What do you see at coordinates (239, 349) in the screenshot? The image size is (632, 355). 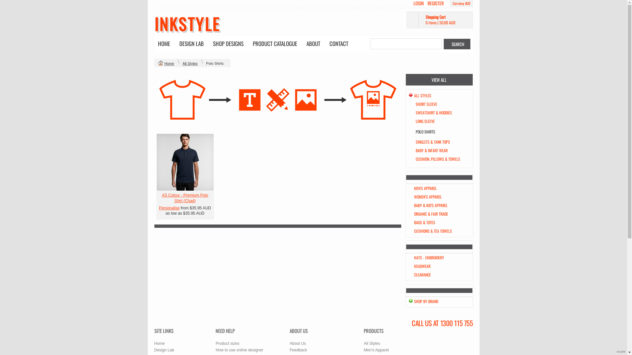 I see `'How to use online designer'` at bounding box center [239, 349].